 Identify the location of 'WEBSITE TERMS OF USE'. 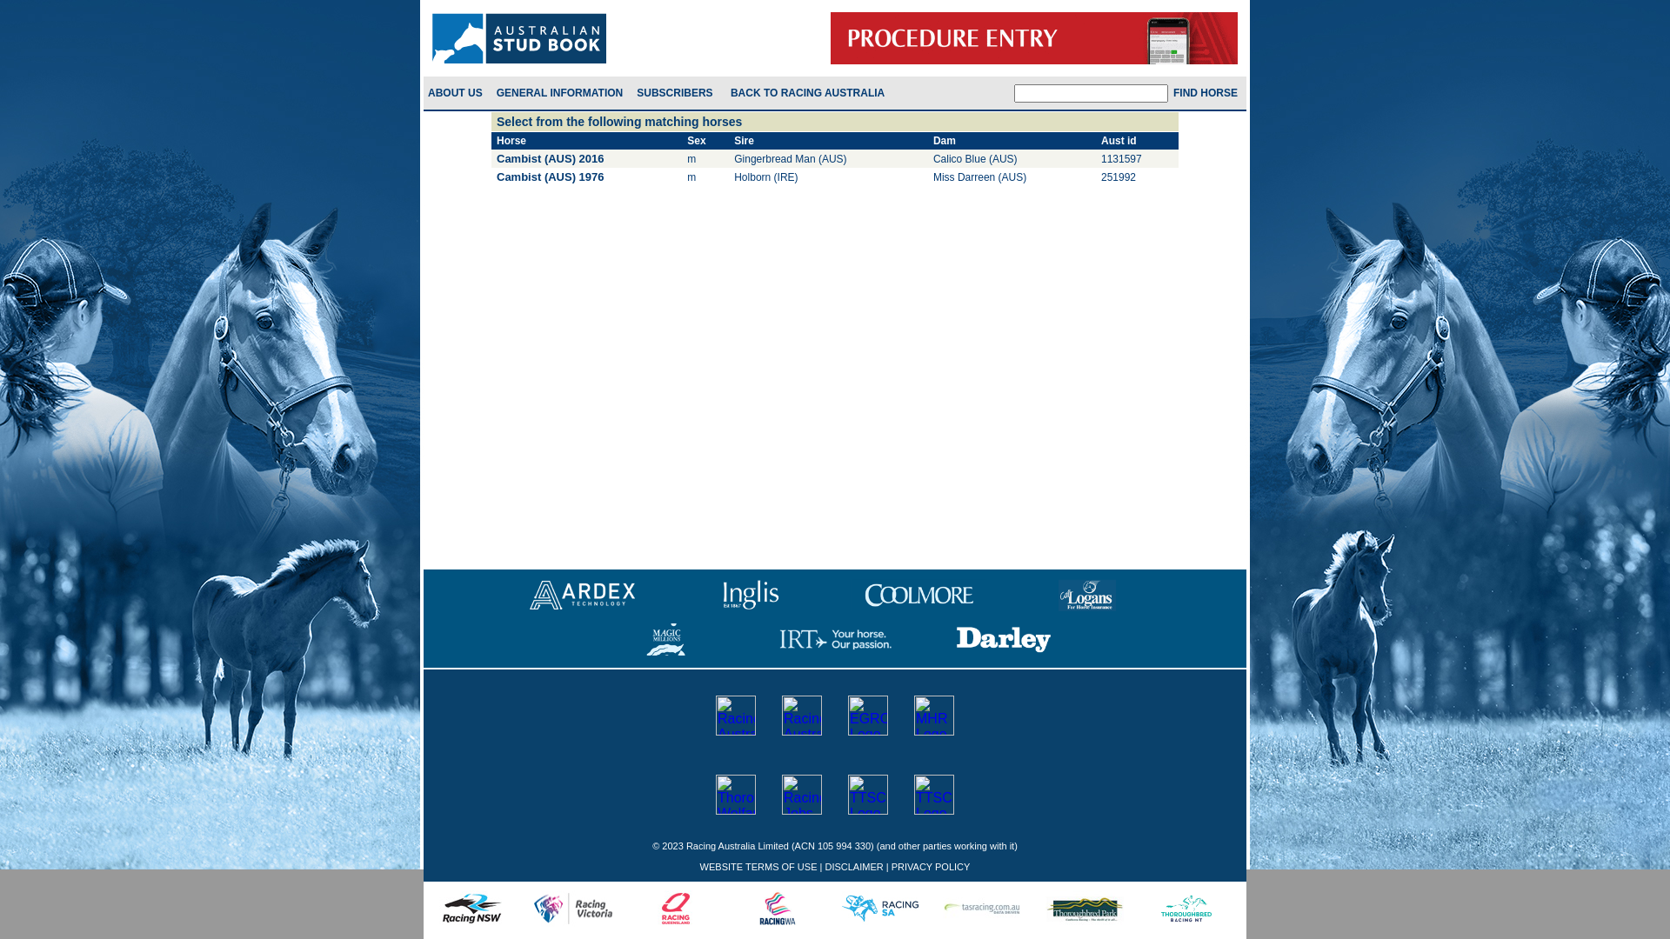
(700, 866).